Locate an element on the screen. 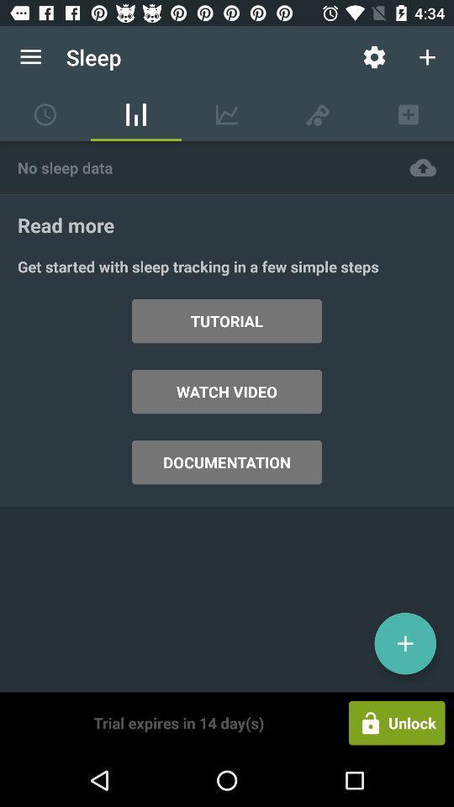 This screenshot has width=454, height=807. the item above the trial expires in icon is located at coordinates (227, 462).